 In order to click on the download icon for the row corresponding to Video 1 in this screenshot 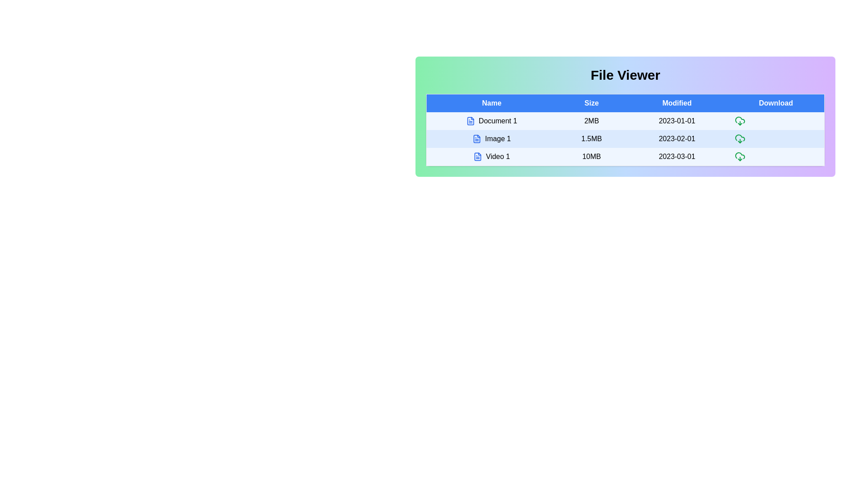, I will do `click(740, 156)`.